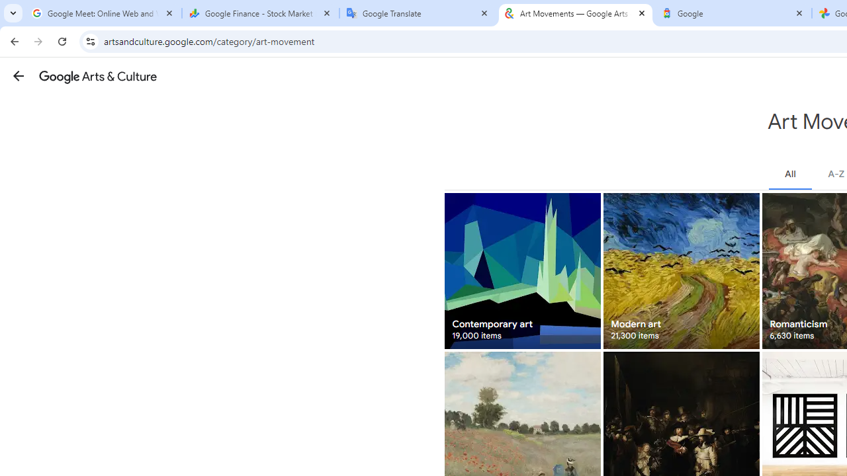  Describe the element at coordinates (790, 173) in the screenshot. I see `'All'` at that location.